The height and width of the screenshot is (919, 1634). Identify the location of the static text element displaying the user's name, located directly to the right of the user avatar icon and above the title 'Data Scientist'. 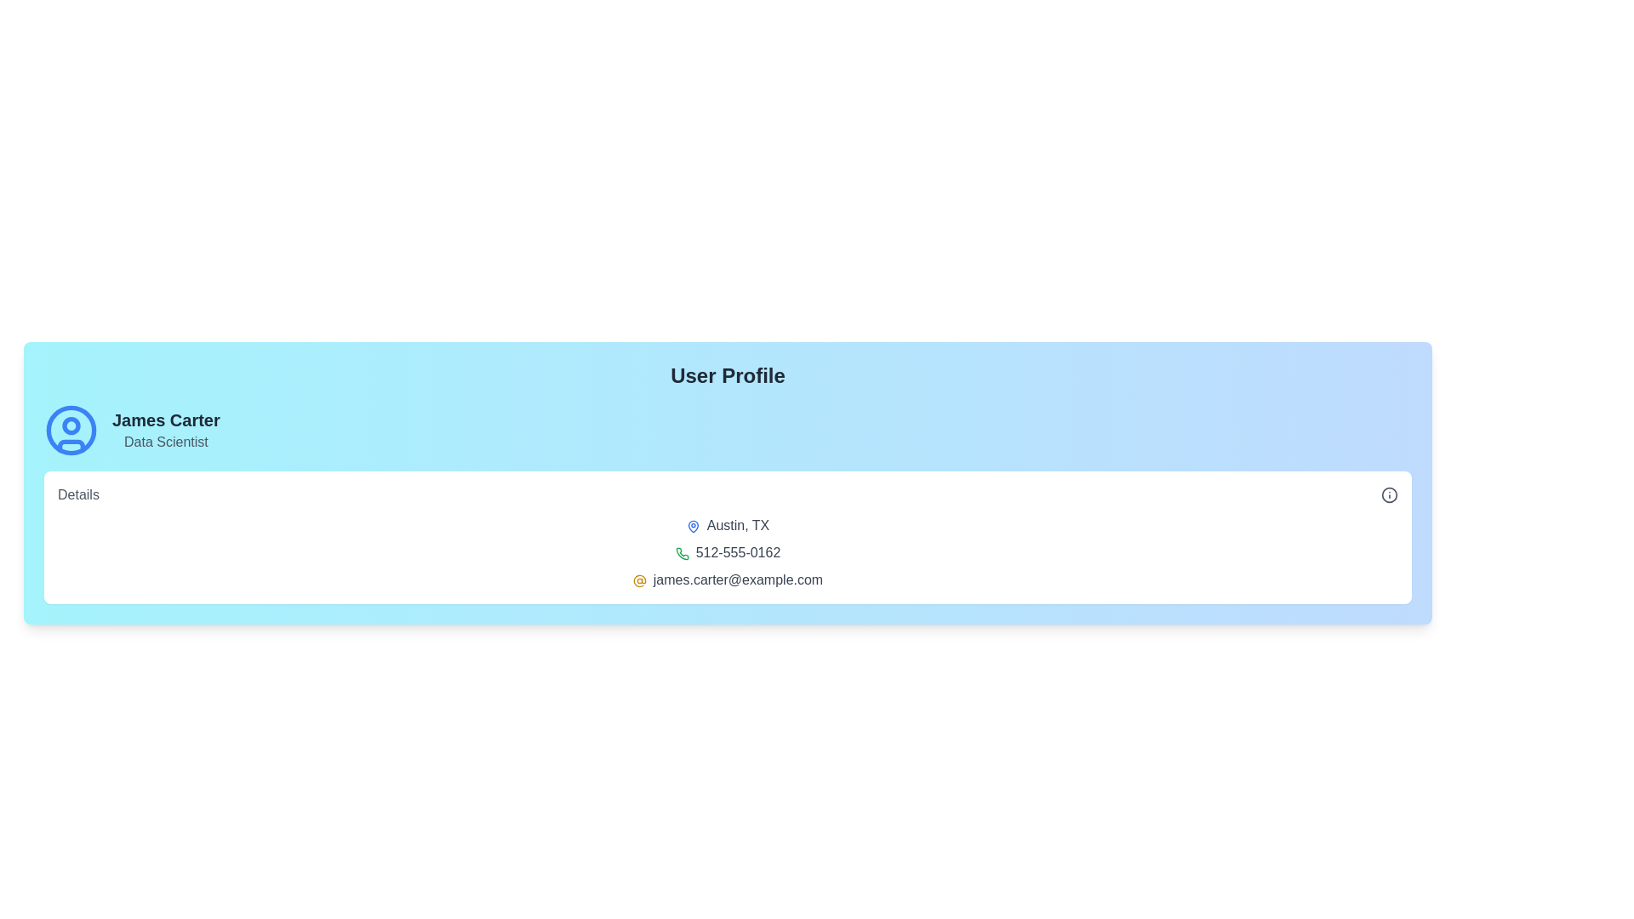
(166, 420).